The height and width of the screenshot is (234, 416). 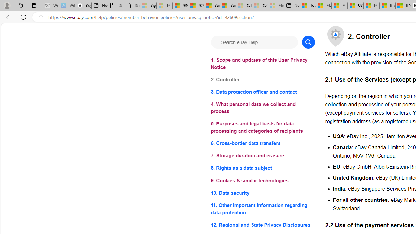 I want to click on '8. Rights as a data subject', so click(x=263, y=168).